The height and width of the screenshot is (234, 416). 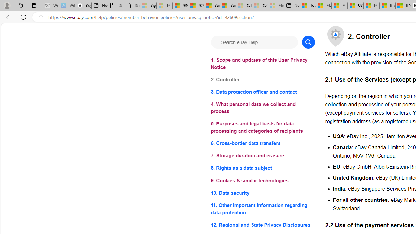 I want to click on '8. Rights as a data subject', so click(x=263, y=168).